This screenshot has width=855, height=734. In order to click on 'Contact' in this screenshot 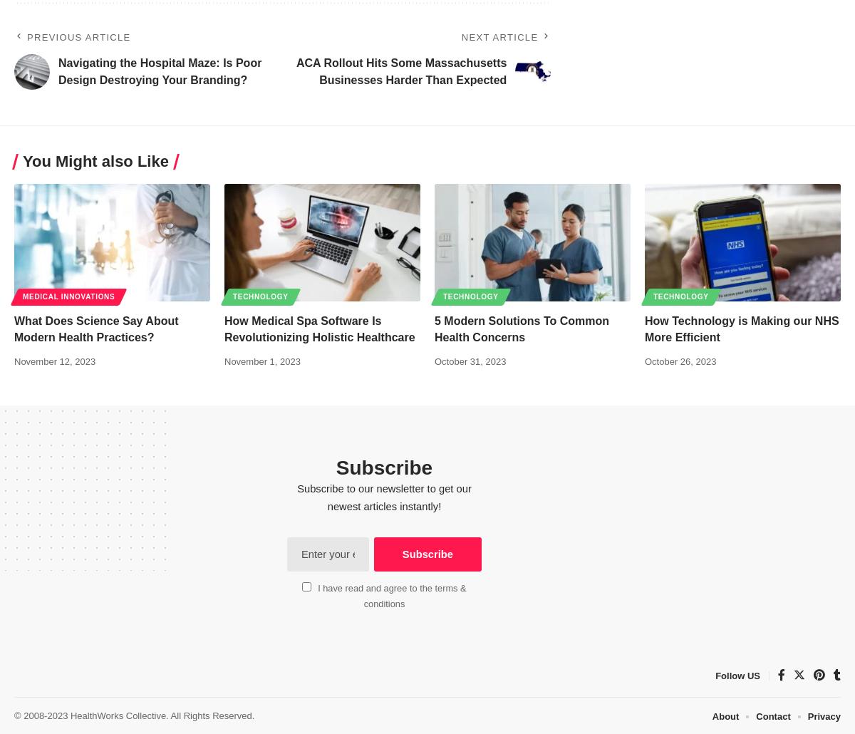, I will do `click(772, 715)`.